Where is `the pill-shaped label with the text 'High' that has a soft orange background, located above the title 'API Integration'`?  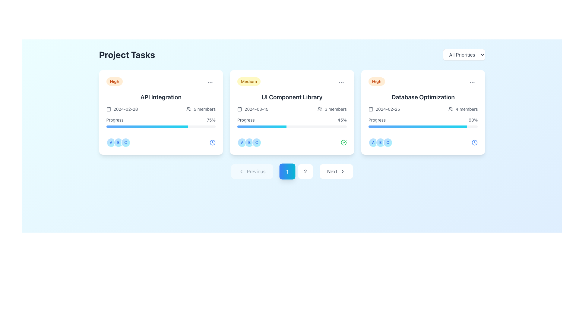 the pill-shaped label with the text 'High' that has a soft orange background, located above the title 'API Integration' is located at coordinates (114, 81).